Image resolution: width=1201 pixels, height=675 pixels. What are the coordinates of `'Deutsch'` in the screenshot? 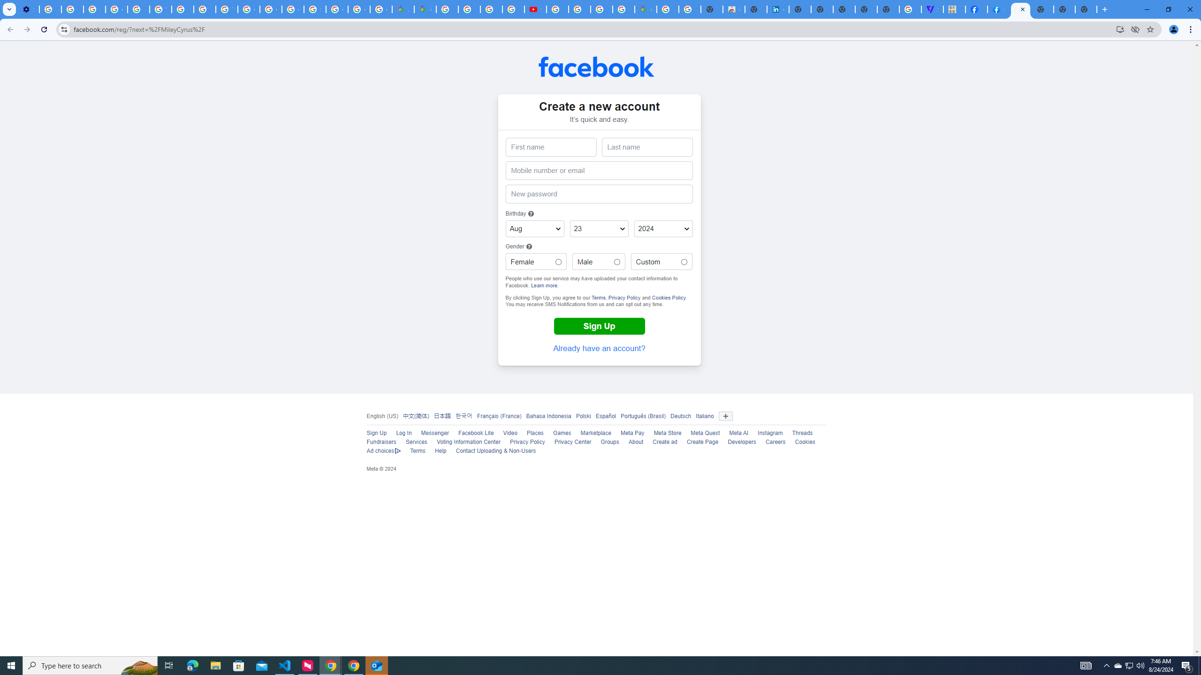 It's located at (681, 415).